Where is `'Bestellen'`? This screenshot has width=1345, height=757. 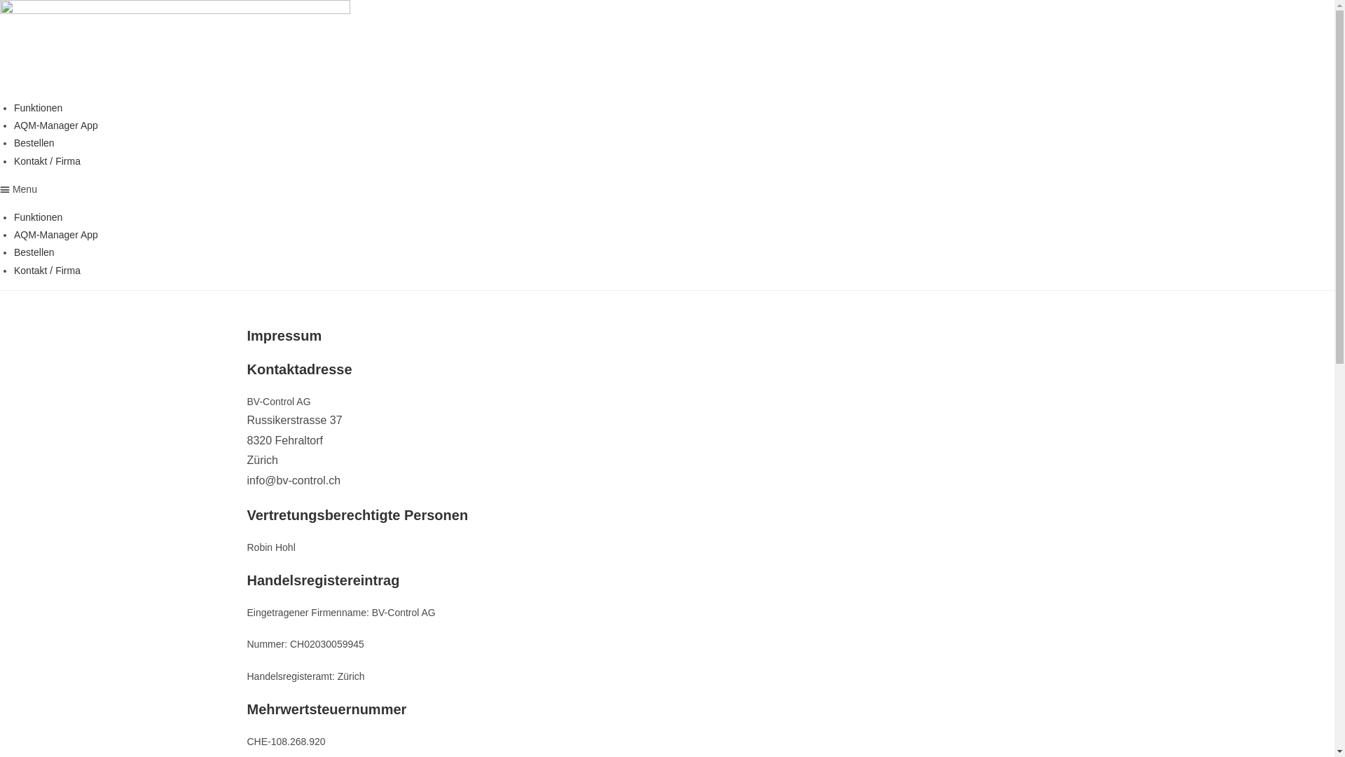 'Bestellen' is located at coordinates (34, 143).